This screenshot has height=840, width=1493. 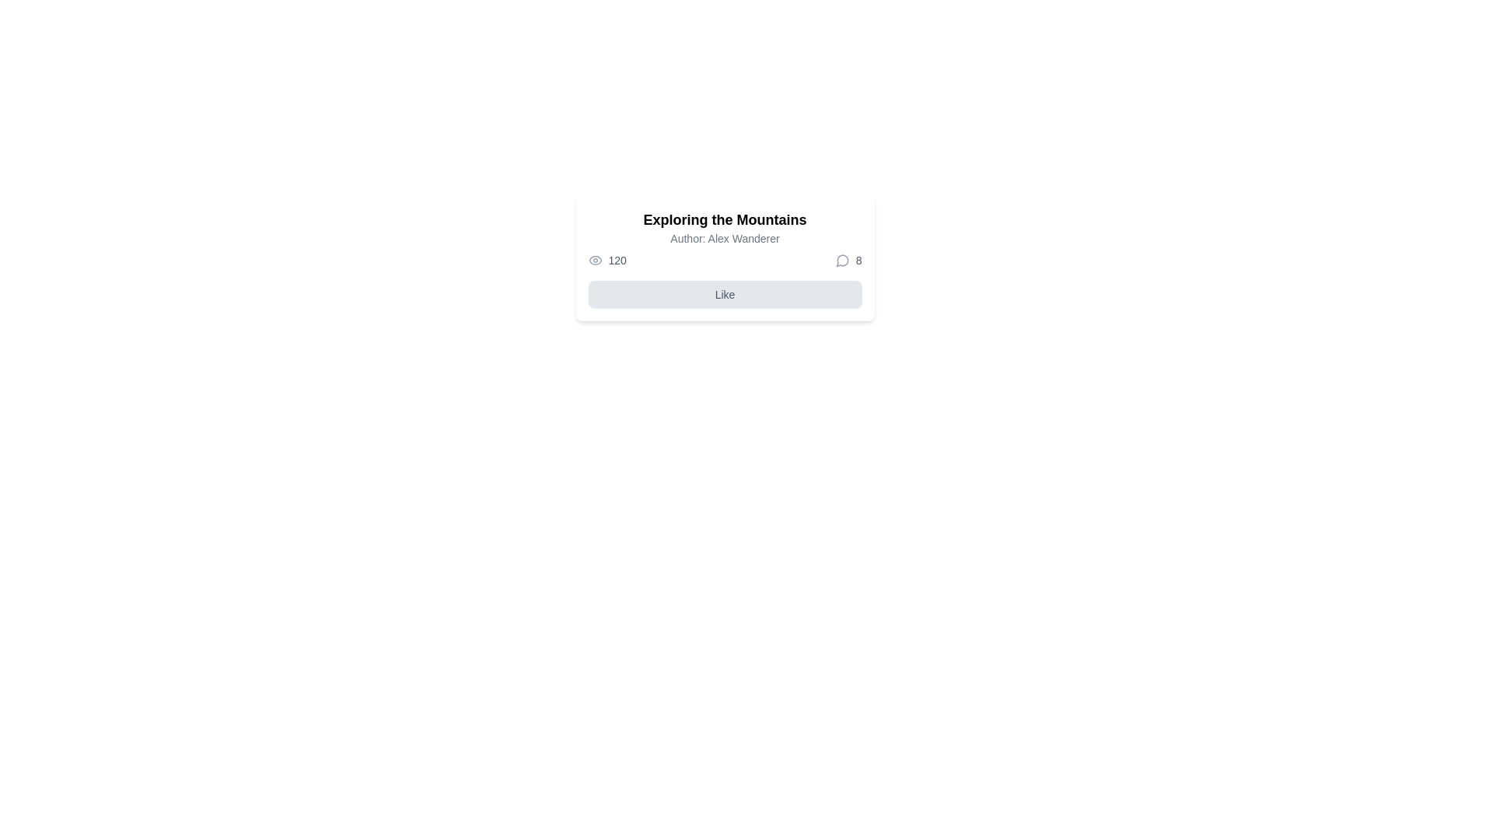 I want to click on the visibility status icon located beside the text '120', which indicates view counts, so click(x=594, y=260).